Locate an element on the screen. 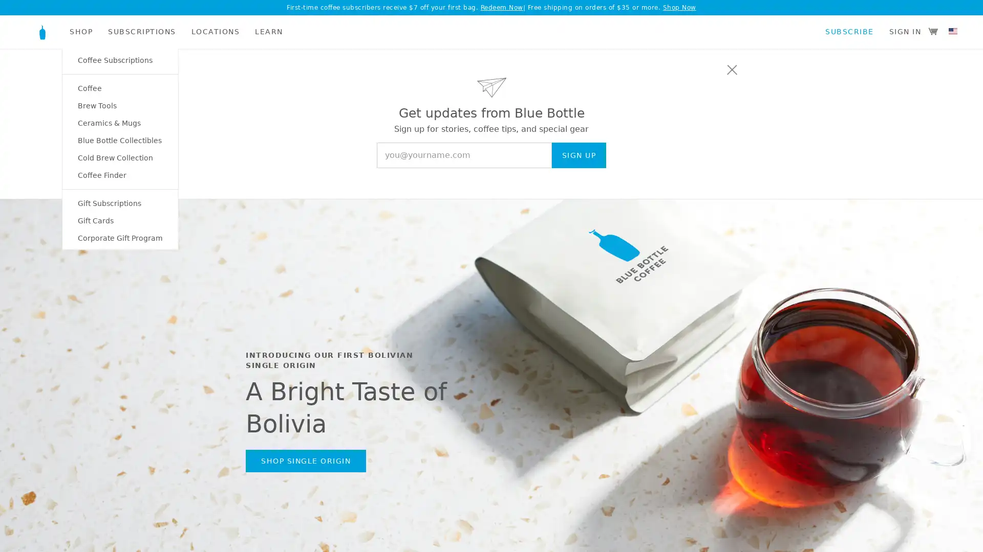 The image size is (983, 552). SIGN UP is located at coordinates (579, 155).